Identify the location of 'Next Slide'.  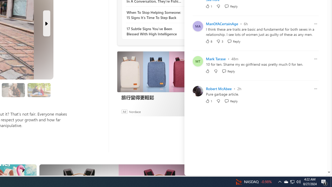
(46, 23).